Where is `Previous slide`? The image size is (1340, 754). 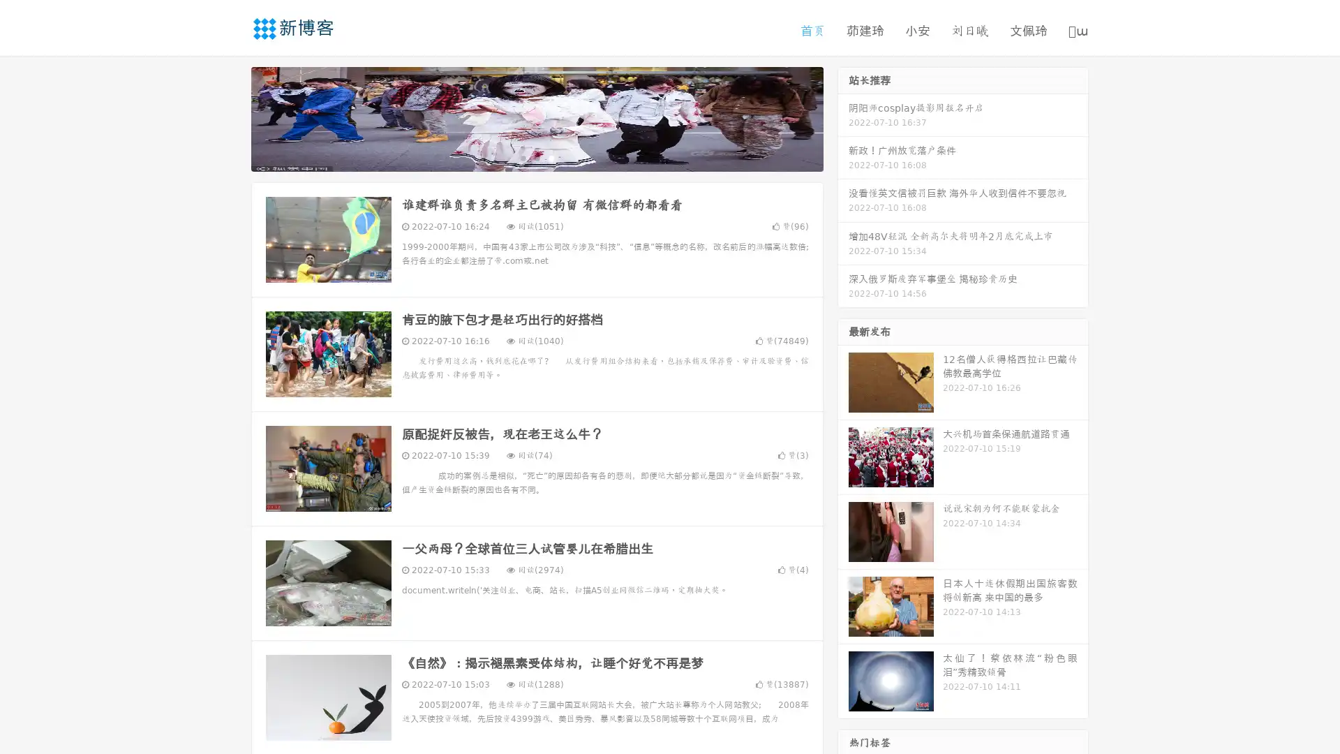 Previous slide is located at coordinates (230, 117).